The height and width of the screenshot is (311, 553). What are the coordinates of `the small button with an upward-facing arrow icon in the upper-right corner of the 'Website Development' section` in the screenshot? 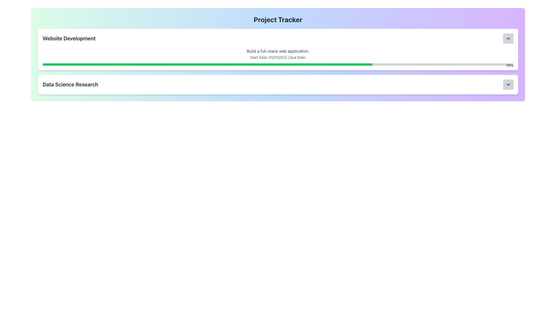 It's located at (508, 39).